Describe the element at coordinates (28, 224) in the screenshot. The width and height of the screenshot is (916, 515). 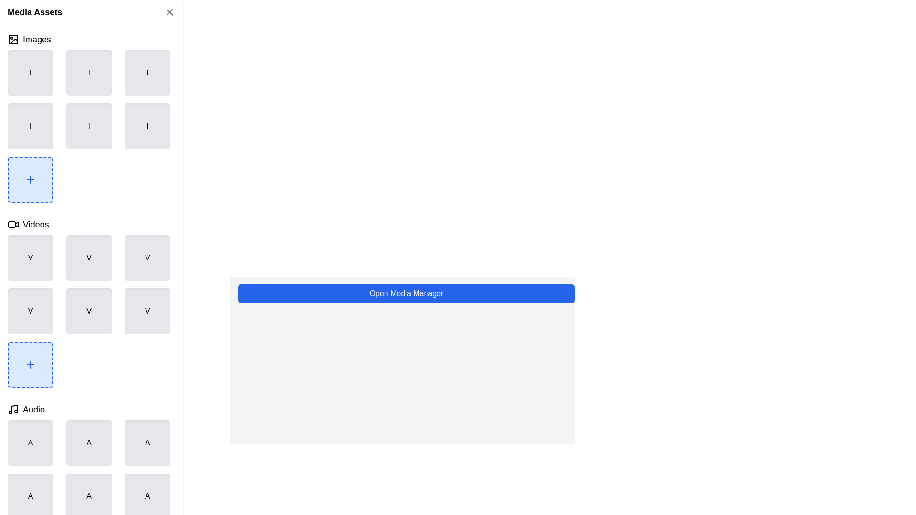
I see `the 'Videos' section title which includes a video camera icon and the text 'Videos'` at that location.